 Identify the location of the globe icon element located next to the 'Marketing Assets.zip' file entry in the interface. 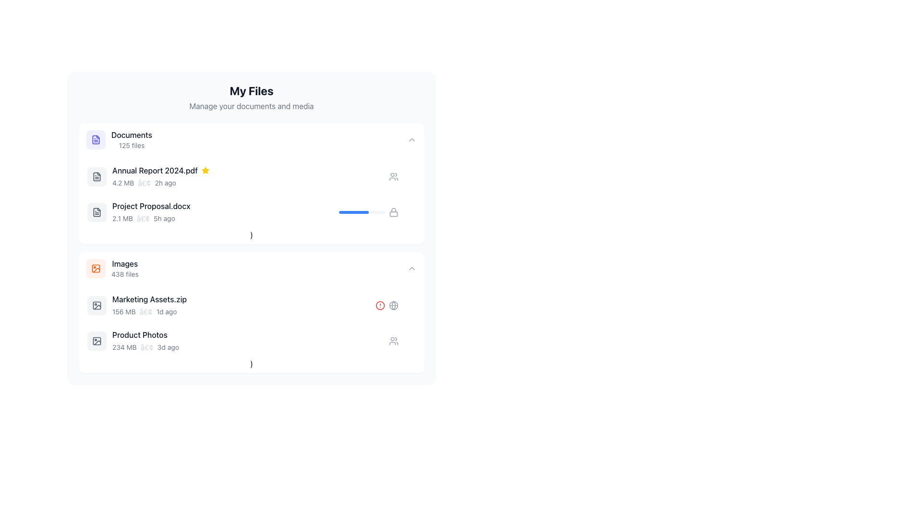
(394, 306).